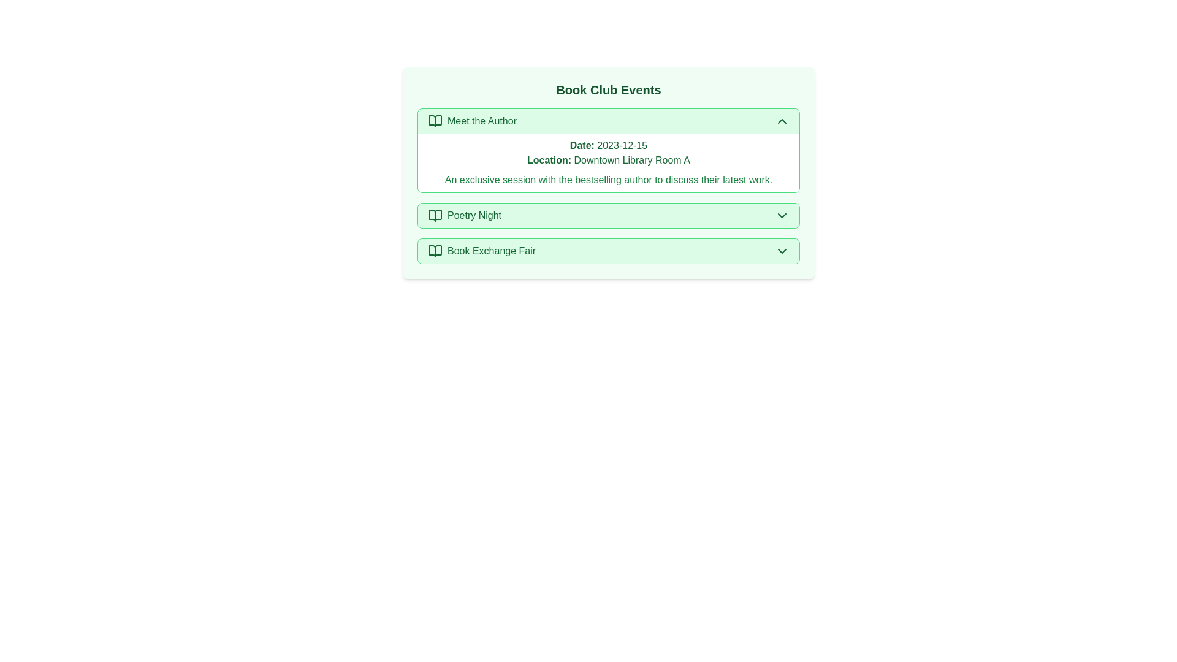 Image resolution: width=1177 pixels, height=662 pixels. What do you see at coordinates (435, 215) in the screenshot?
I see `the decorative book icon representing the 'Poetry Night' section in the 'Book Club Events'` at bounding box center [435, 215].